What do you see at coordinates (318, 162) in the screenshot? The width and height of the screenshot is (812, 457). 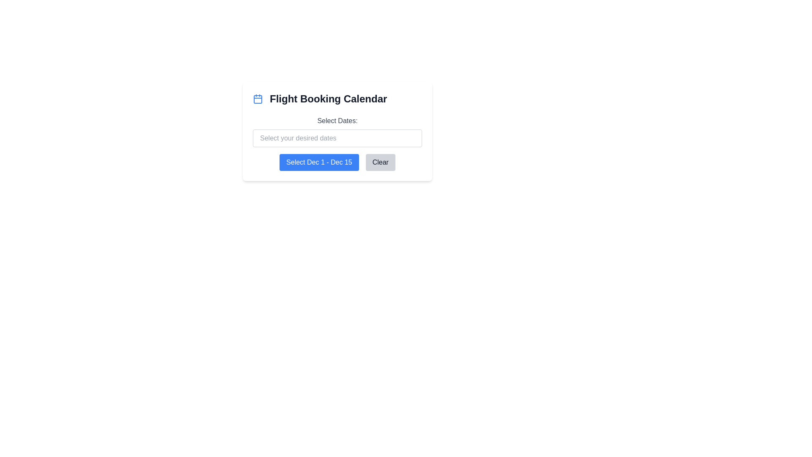 I see `the button labeled 'Select Dec 1 - Dec 15' with a blue background and rounded corners` at bounding box center [318, 162].